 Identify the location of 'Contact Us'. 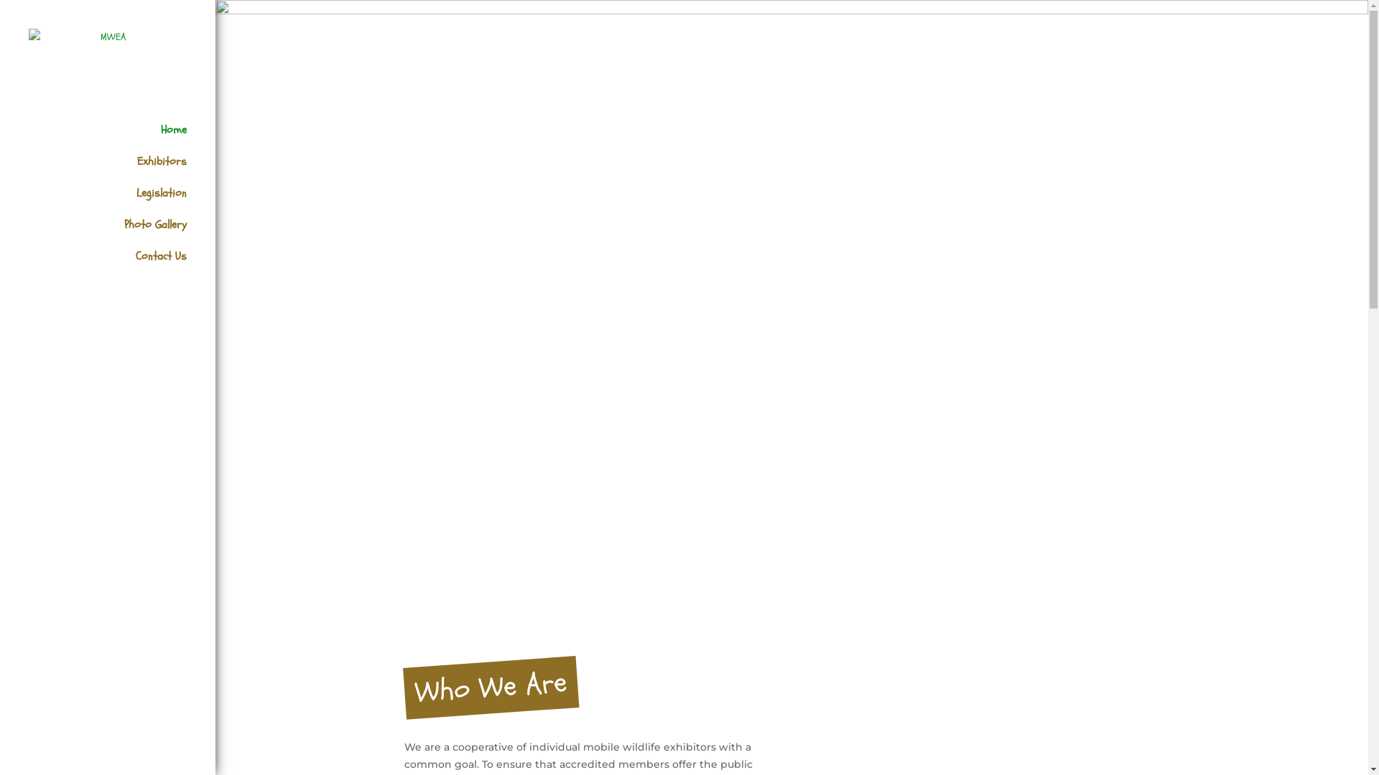
(121, 266).